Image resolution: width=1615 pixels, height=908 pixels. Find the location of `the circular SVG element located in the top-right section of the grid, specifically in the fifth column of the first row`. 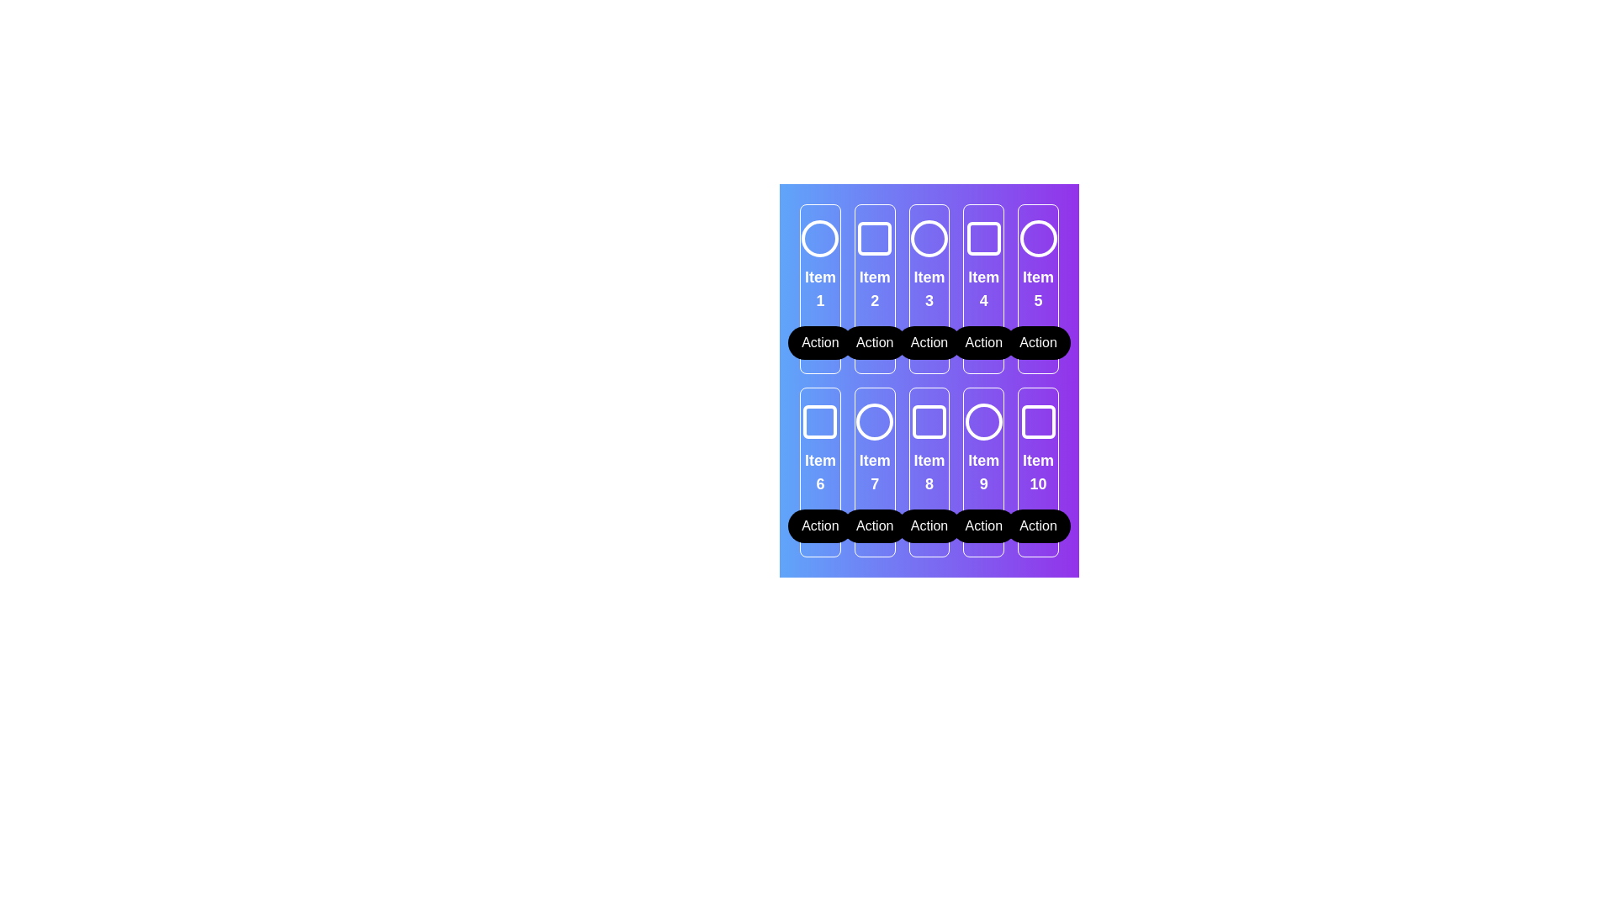

the circular SVG element located in the top-right section of the grid, specifically in the fifth column of the first row is located at coordinates (1037, 239).